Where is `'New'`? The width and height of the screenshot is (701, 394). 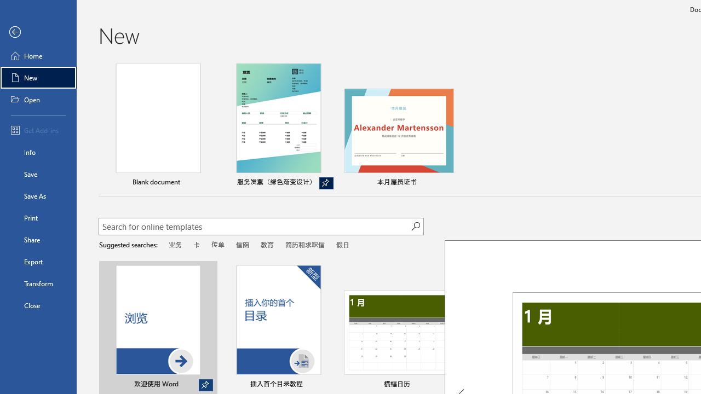 'New' is located at coordinates (38, 77).